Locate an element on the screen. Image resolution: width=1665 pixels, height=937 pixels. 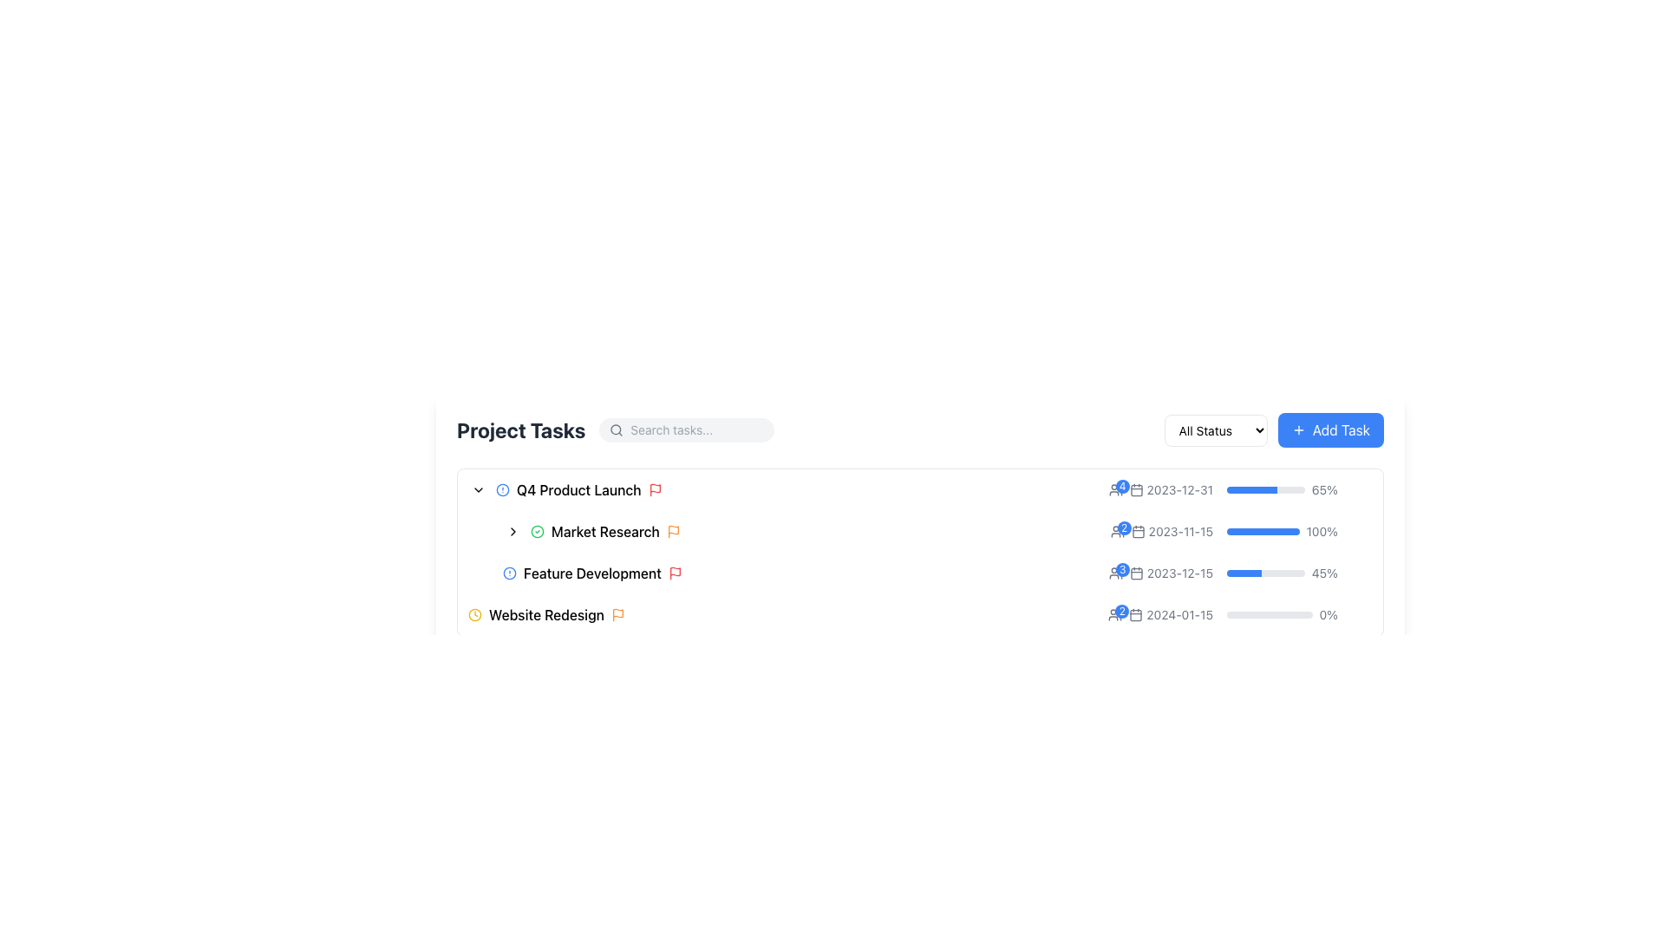
the blue circular badge displaying the number '2' that is located to the upper right of the group icon beside the date '2023-11-15' is located at coordinates (1117, 531).